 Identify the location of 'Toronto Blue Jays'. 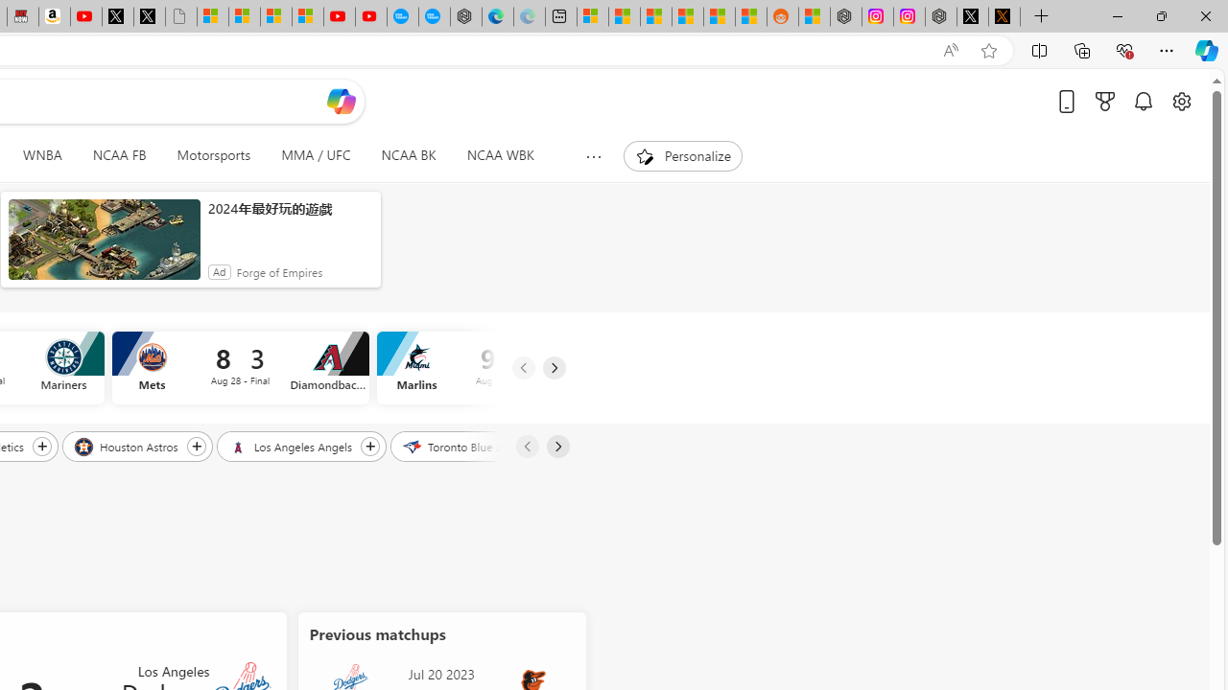
(461, 446).